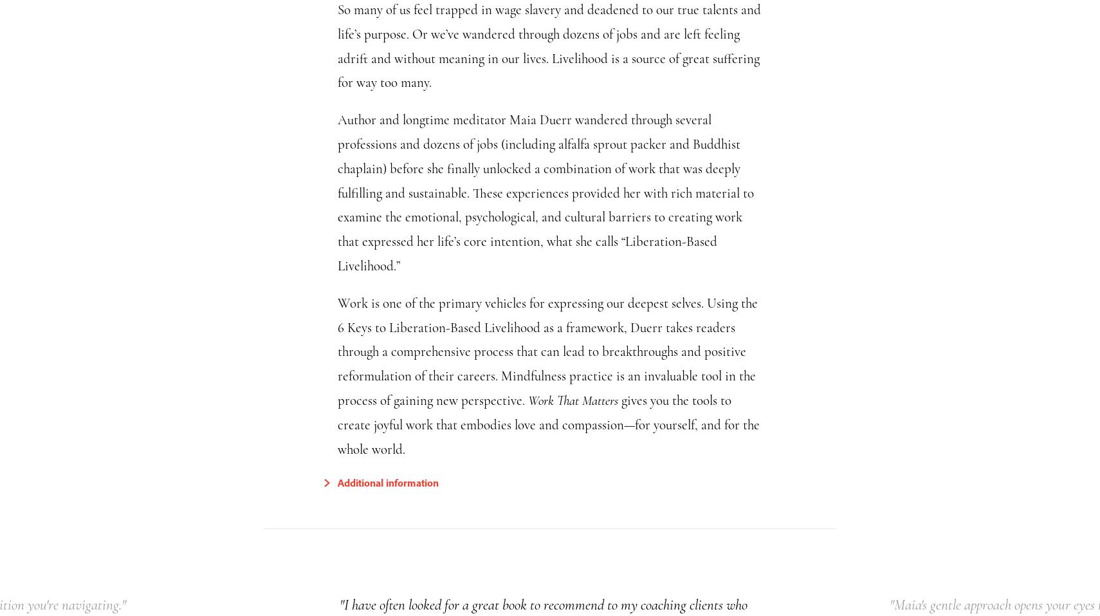  What do you see at coordinates (319, 271) in the screenshot?
I see `'Parallax Press is a nonprofit publisher founded by Zen Master Thich Nhat Hanh. We publish books and media on the art of mindful living and Engaged Buddhism. We are committed to offering teachings that help transform suffering and injustice. Our aspiration is to contribute to collective insight and awakening, bringing about a more joyful, healthy, and compassionate society.'` at bounding box center [319, 271].